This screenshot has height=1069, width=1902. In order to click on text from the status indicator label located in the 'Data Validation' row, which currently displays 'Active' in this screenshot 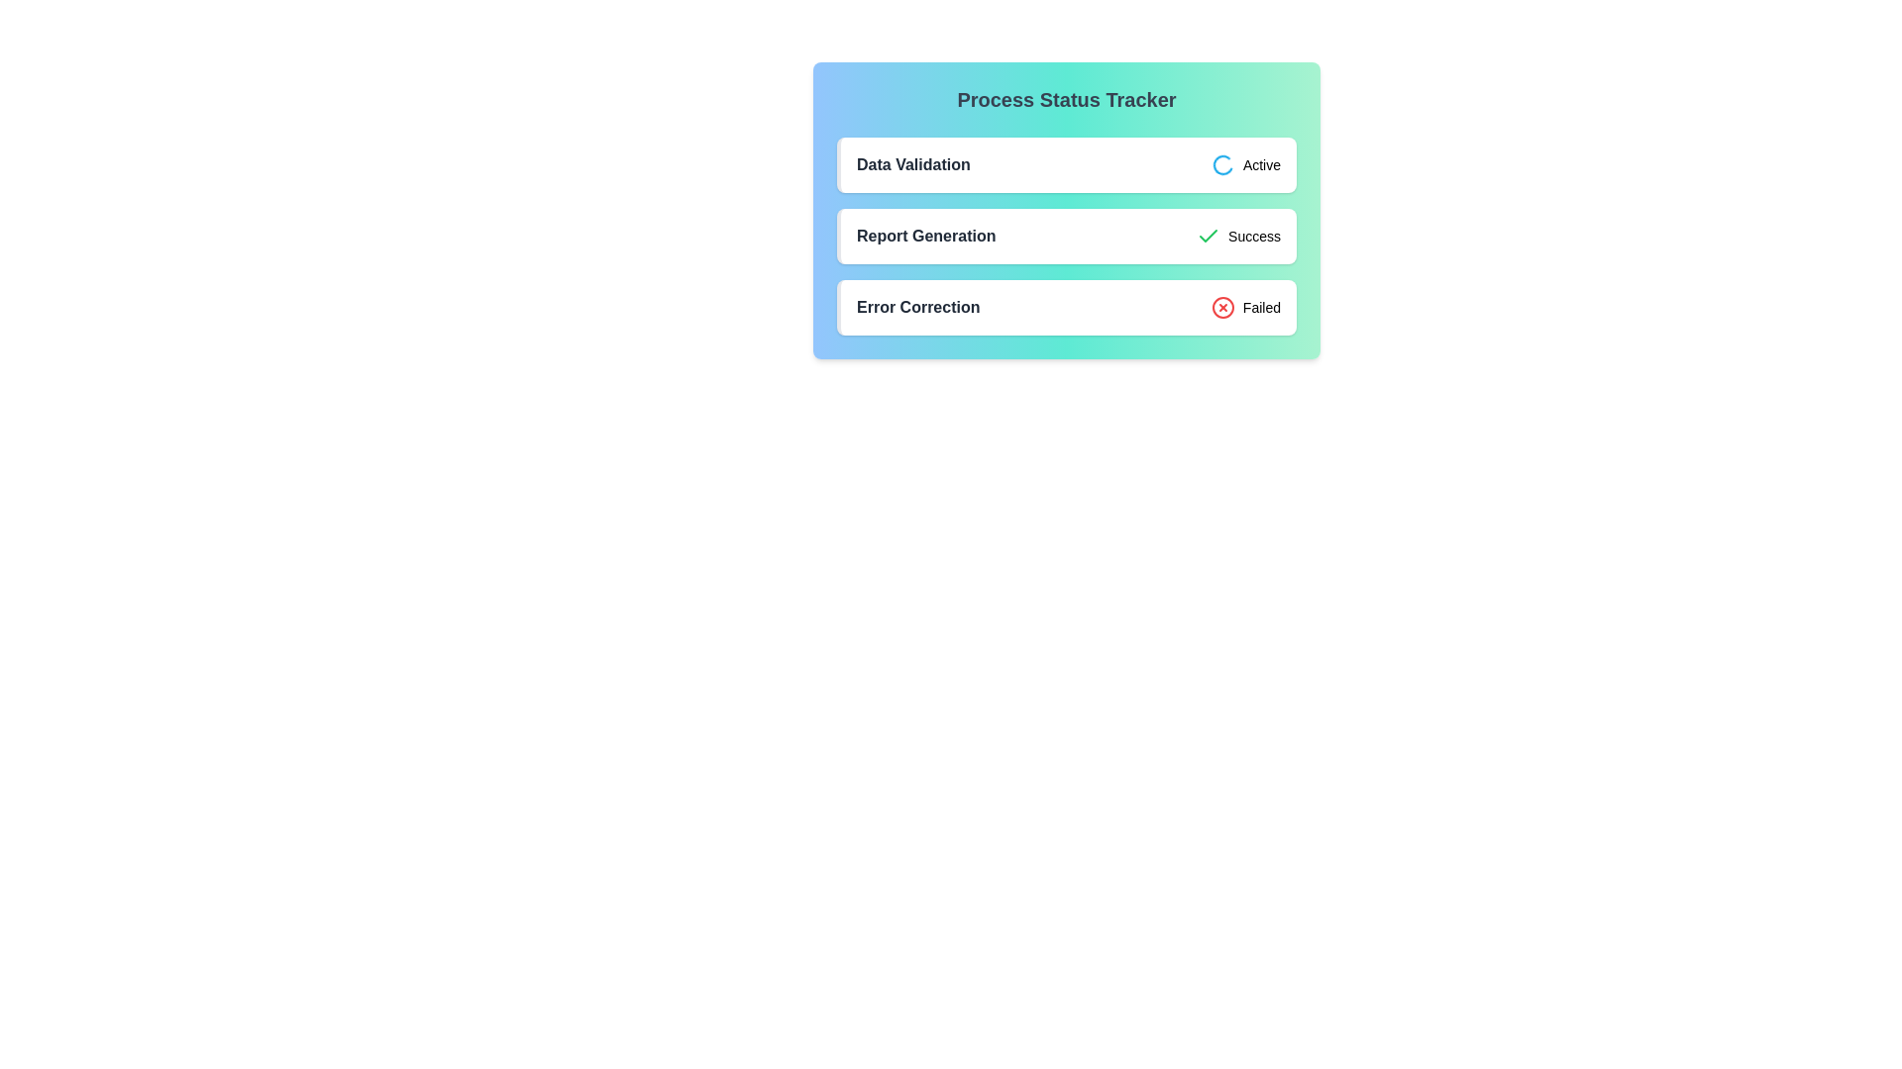, I will do `click(1260, 163)`.